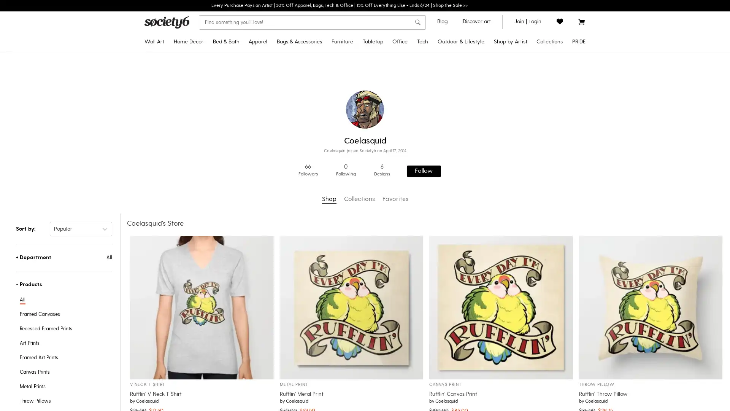 The image size is (730, 411). I want to click on Acrylic Trays, so click(419, 110).